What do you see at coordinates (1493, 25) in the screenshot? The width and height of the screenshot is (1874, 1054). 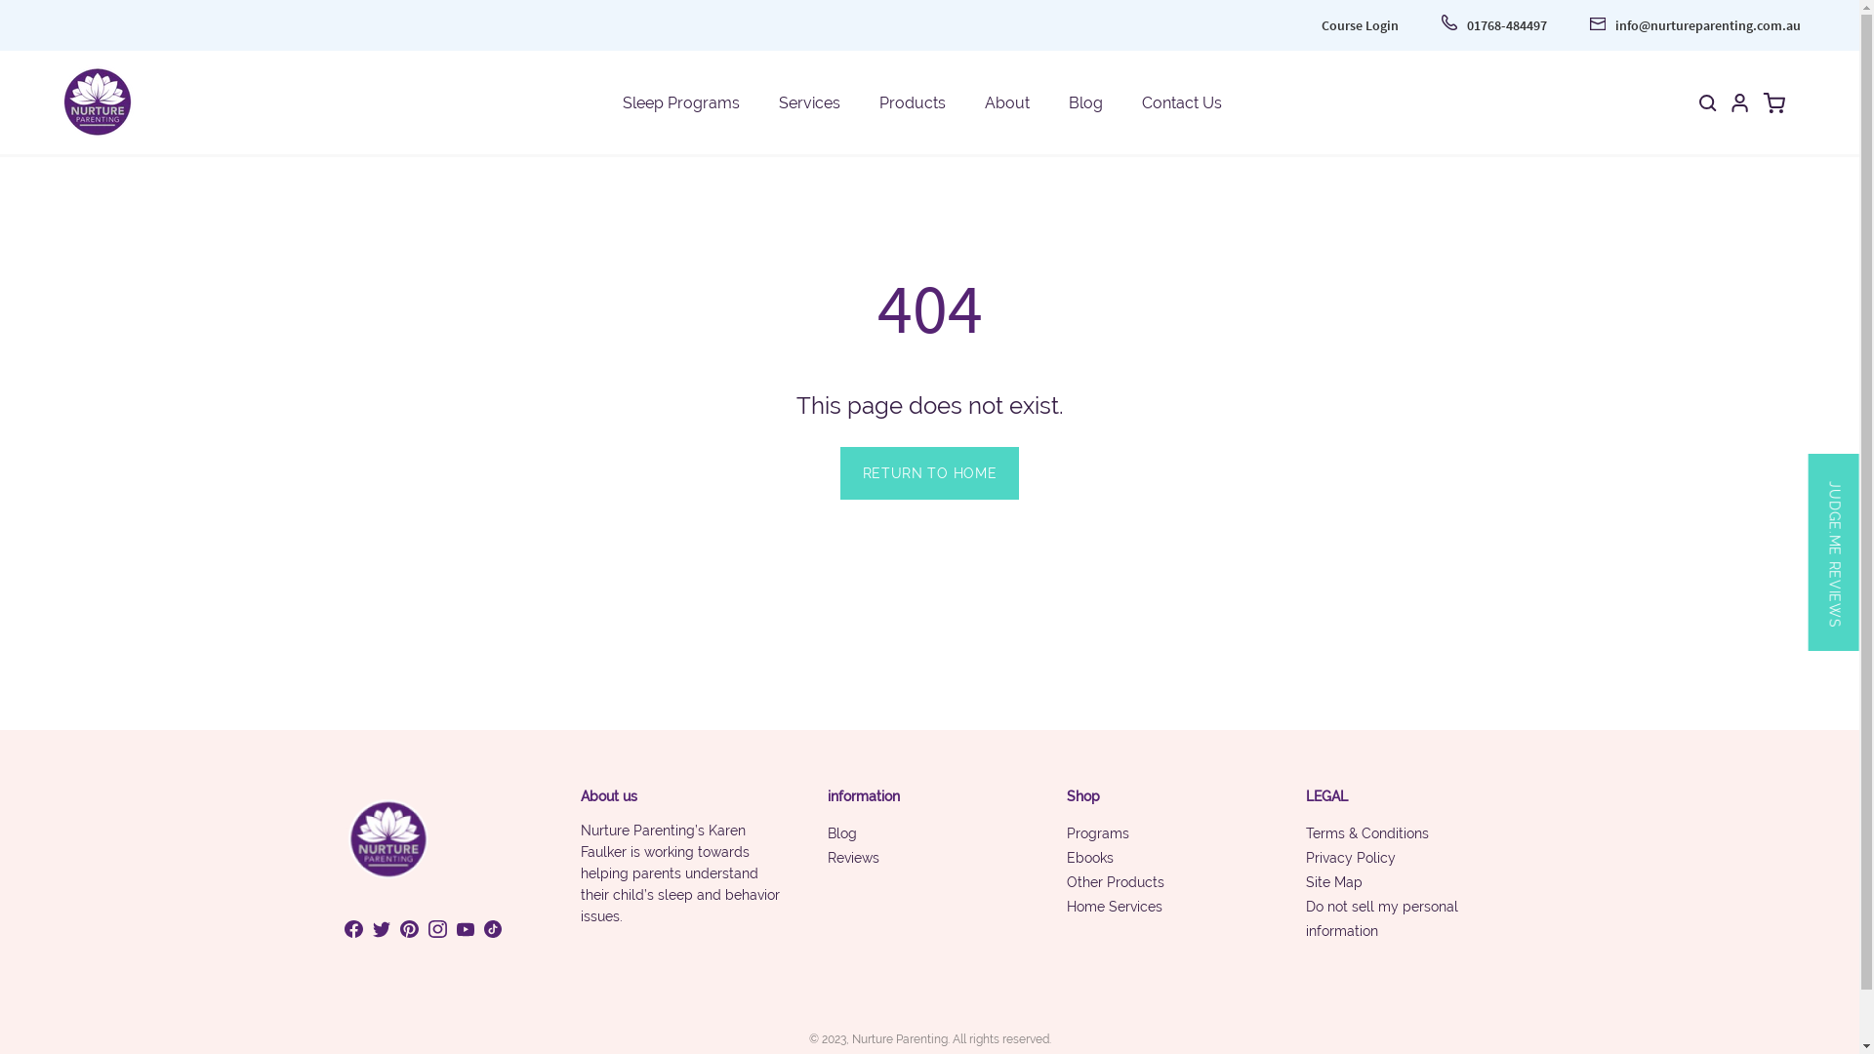 I see `'01768-484497'` at bounding box center [1493, 25].